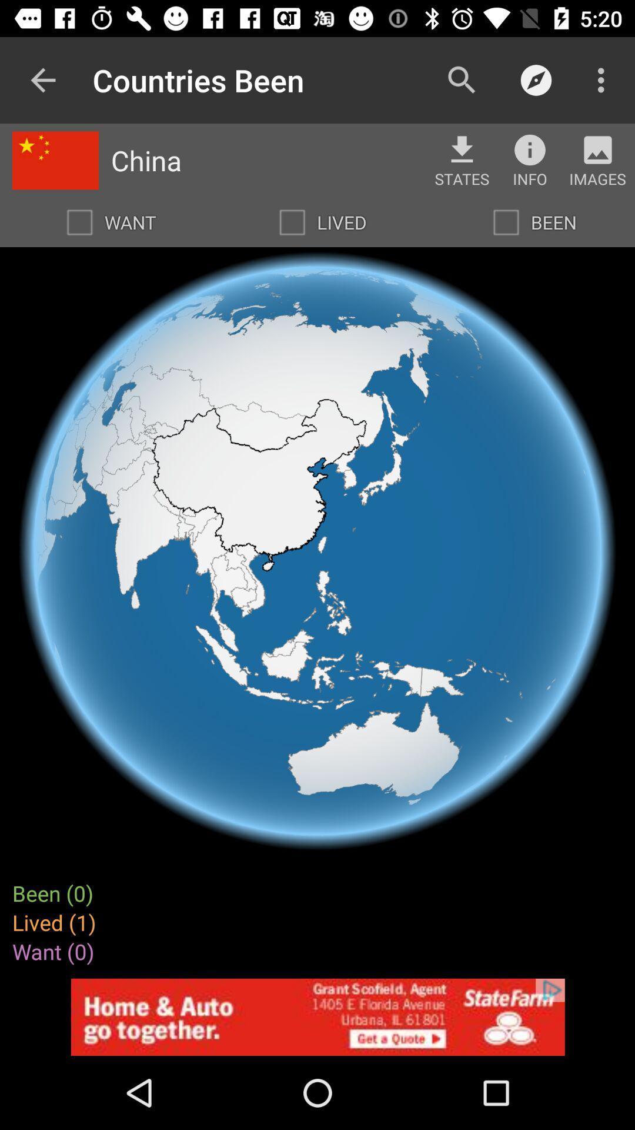 The image size is (635, 1130). Describe the element at coordinates (317, 1016) in the screenshot. I see `advertisement link` at that location.